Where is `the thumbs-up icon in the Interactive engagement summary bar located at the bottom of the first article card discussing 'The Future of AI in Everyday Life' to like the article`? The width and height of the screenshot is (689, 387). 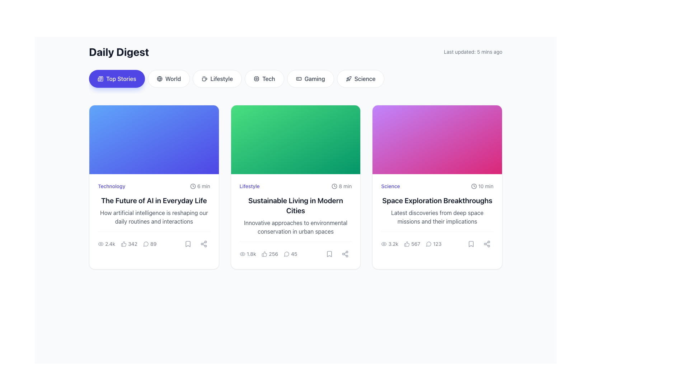
the thumbs-up icon in the Interactive engagement summary bar located at the bottom of the first article card discussing 'The Future of AI in Everyday Life' to like the article is located at coordinates (127, 244).